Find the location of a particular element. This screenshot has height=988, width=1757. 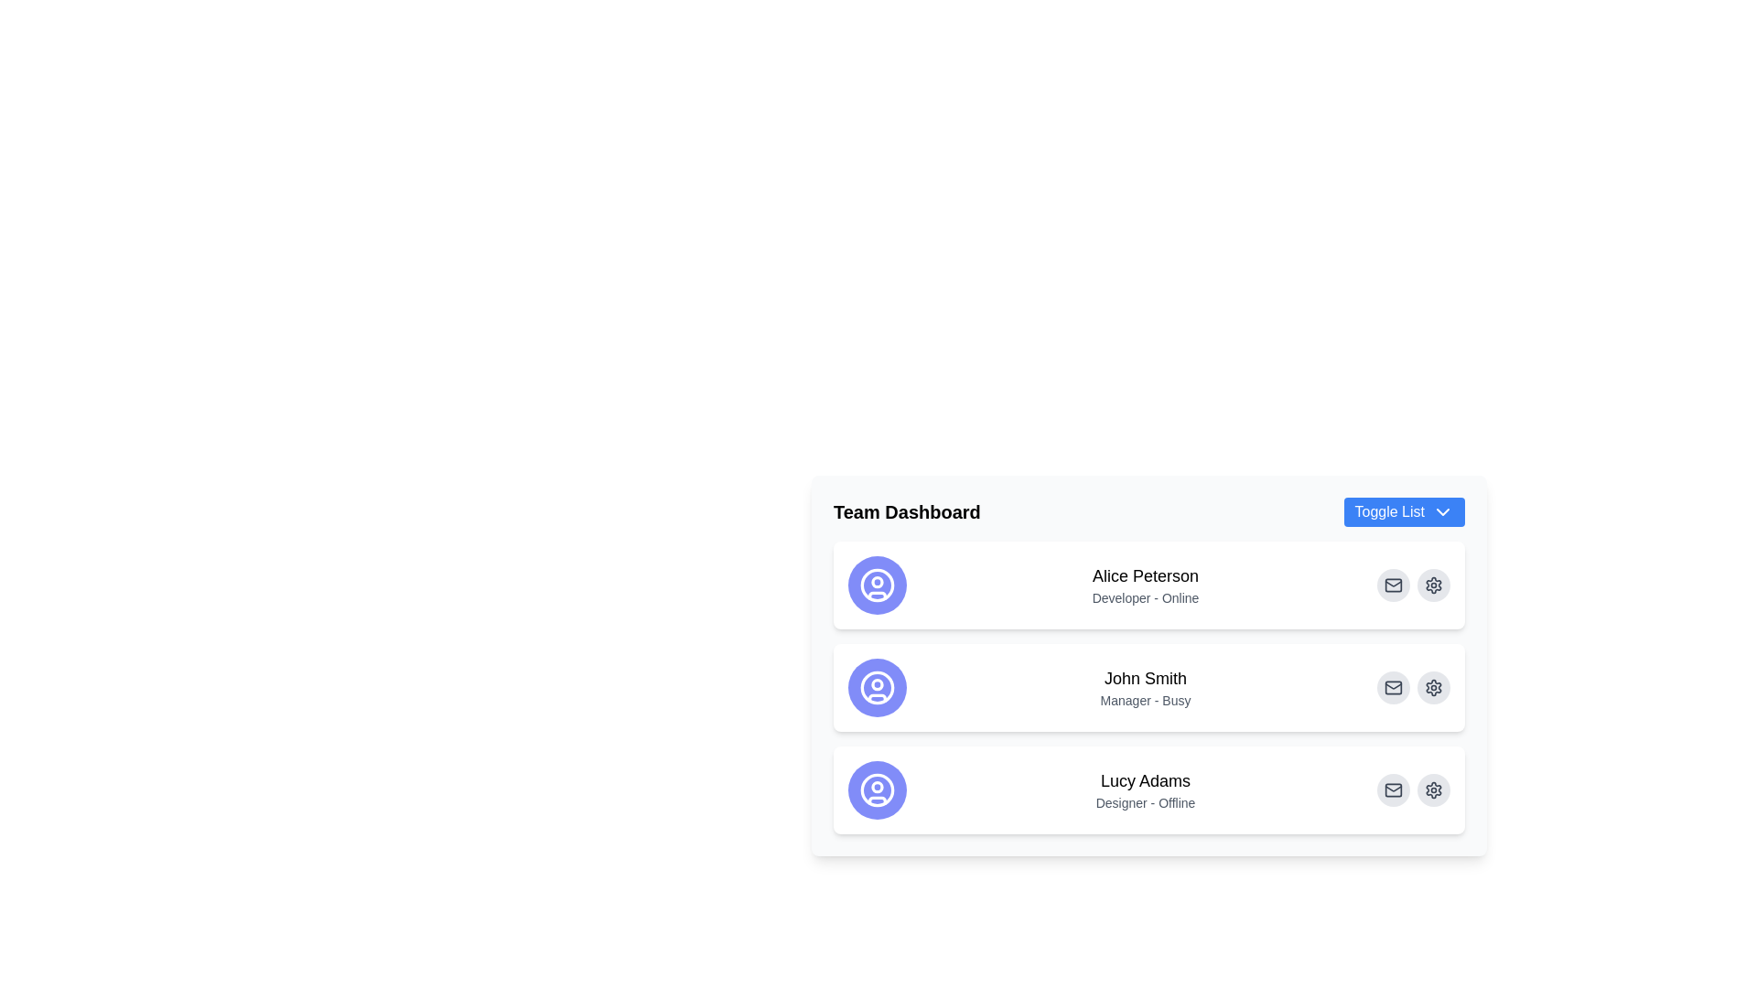

the graphical decoration indicating a specific status or type of user within the user icon in the second user detail row is located at coordinates (877, 684).